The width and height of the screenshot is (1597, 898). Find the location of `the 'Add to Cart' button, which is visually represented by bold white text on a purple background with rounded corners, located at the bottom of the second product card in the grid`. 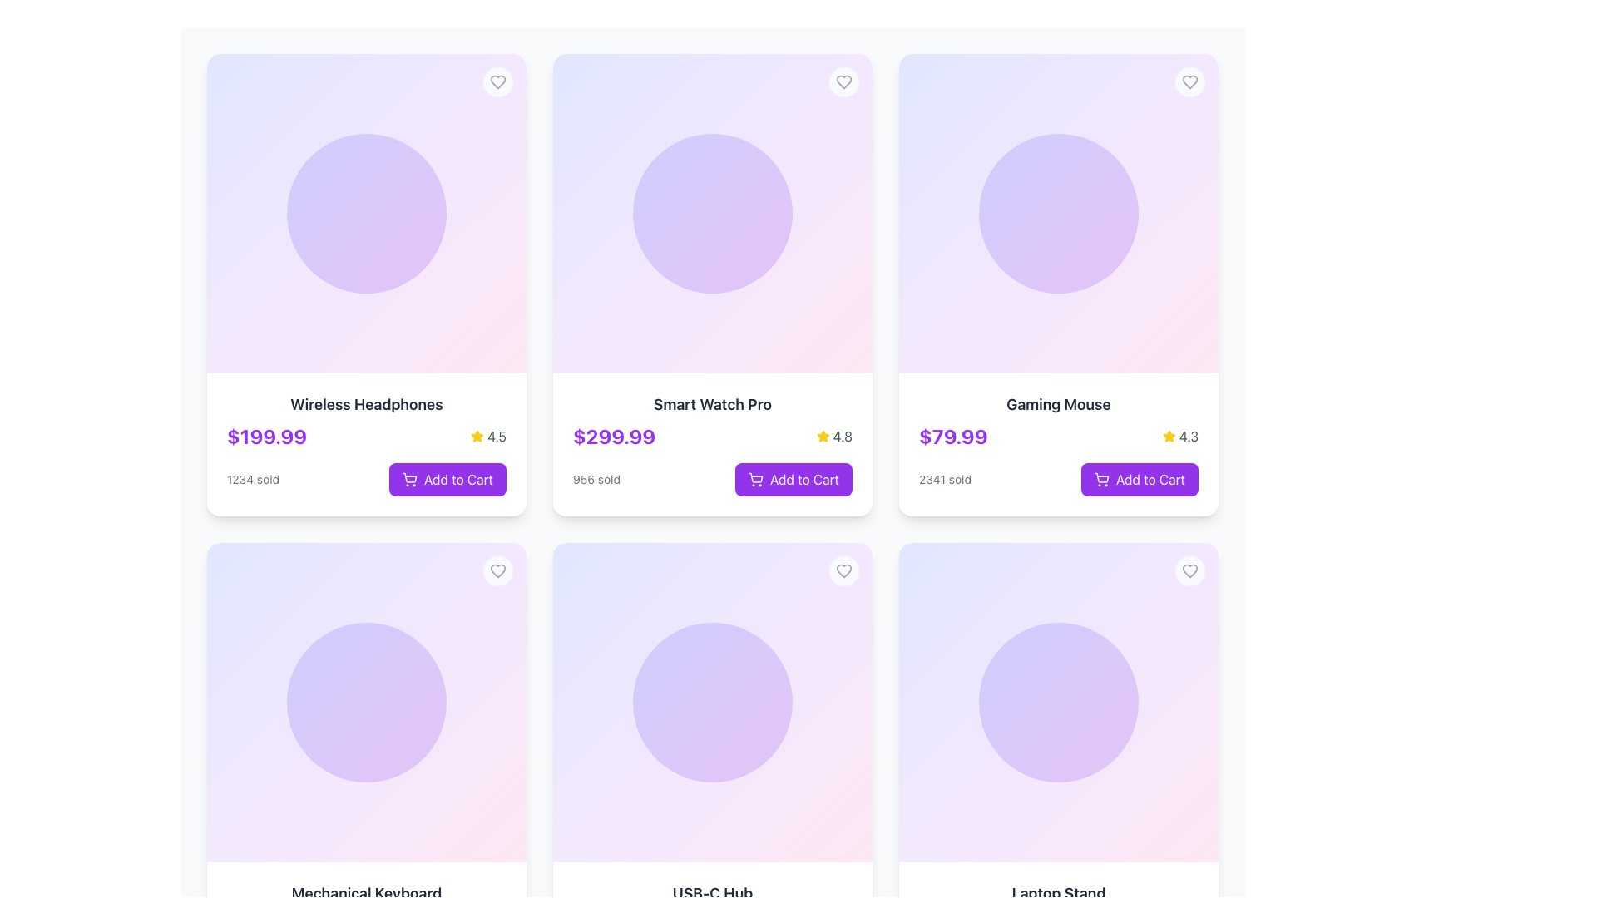

the 'Add to Cart' button, which is visually represented by bold white text on a purple background with rounded corners, located at the bottom of the second product card in the grid is located at coordinates (458, 480).